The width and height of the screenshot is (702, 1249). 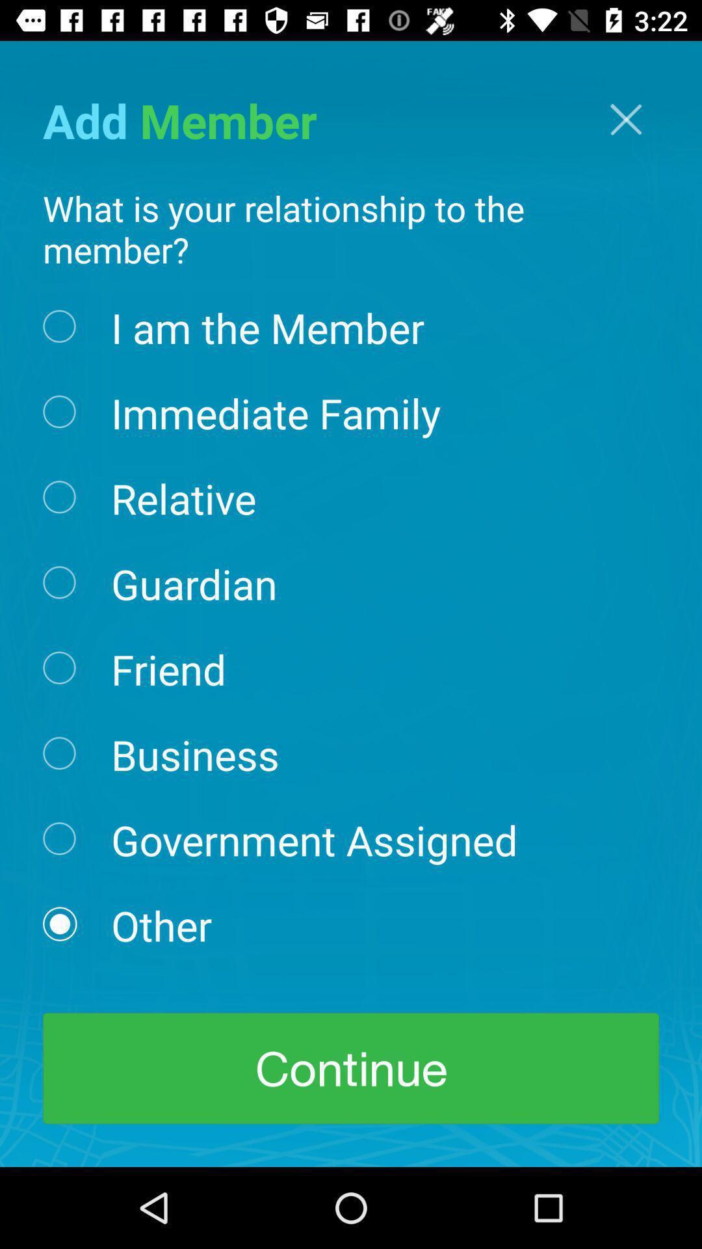 What do you see at coordinates (195, 753) in the screenshot?
I see `business item` at bounding box center [195, 753].